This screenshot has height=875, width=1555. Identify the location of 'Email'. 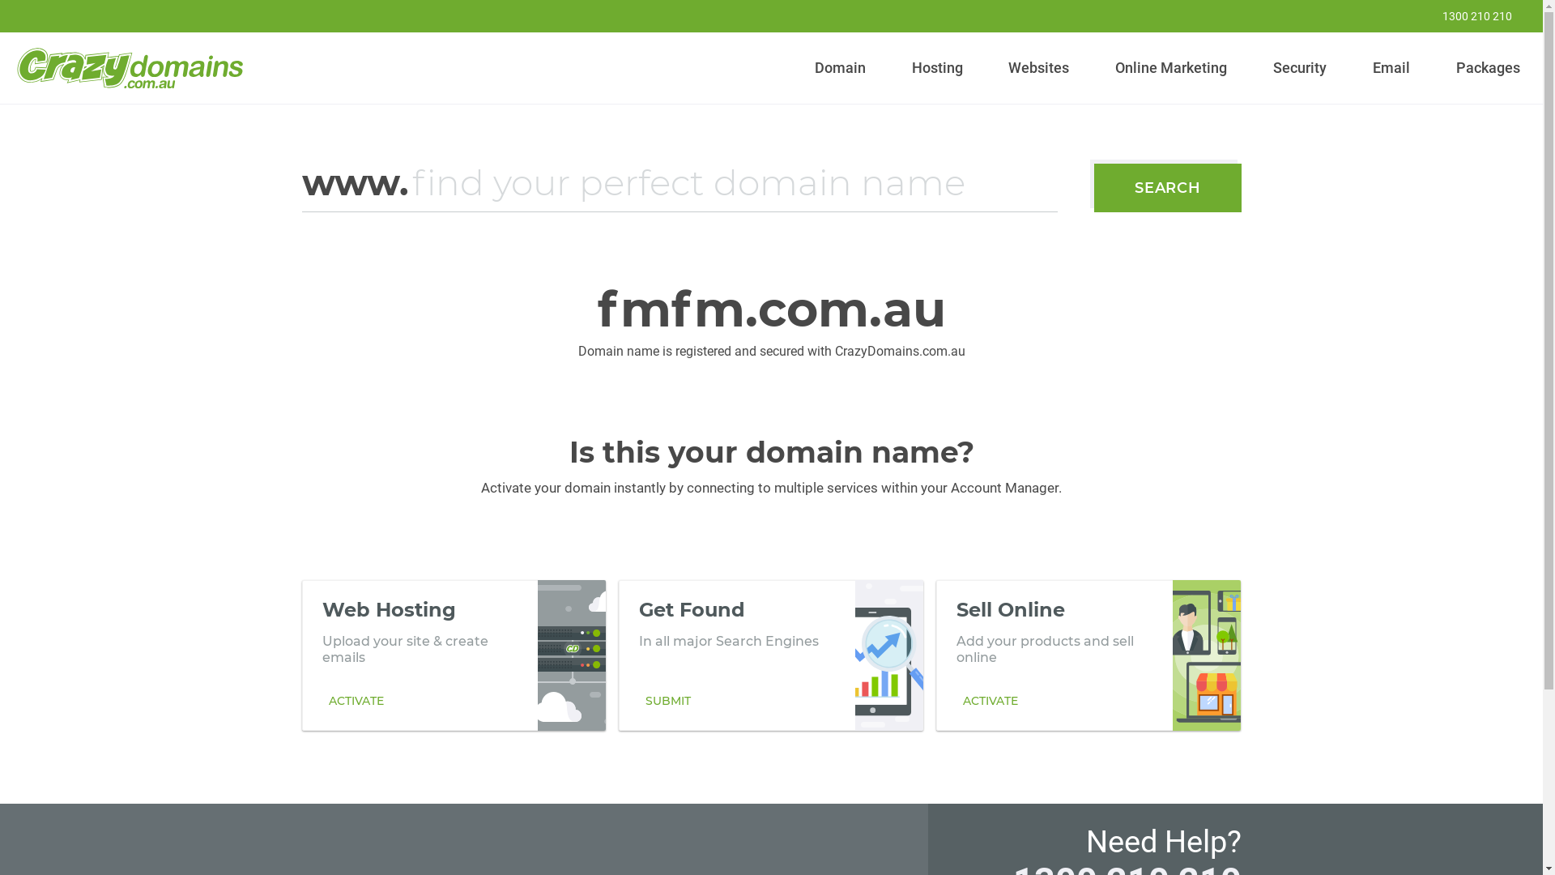
(1390, 67).